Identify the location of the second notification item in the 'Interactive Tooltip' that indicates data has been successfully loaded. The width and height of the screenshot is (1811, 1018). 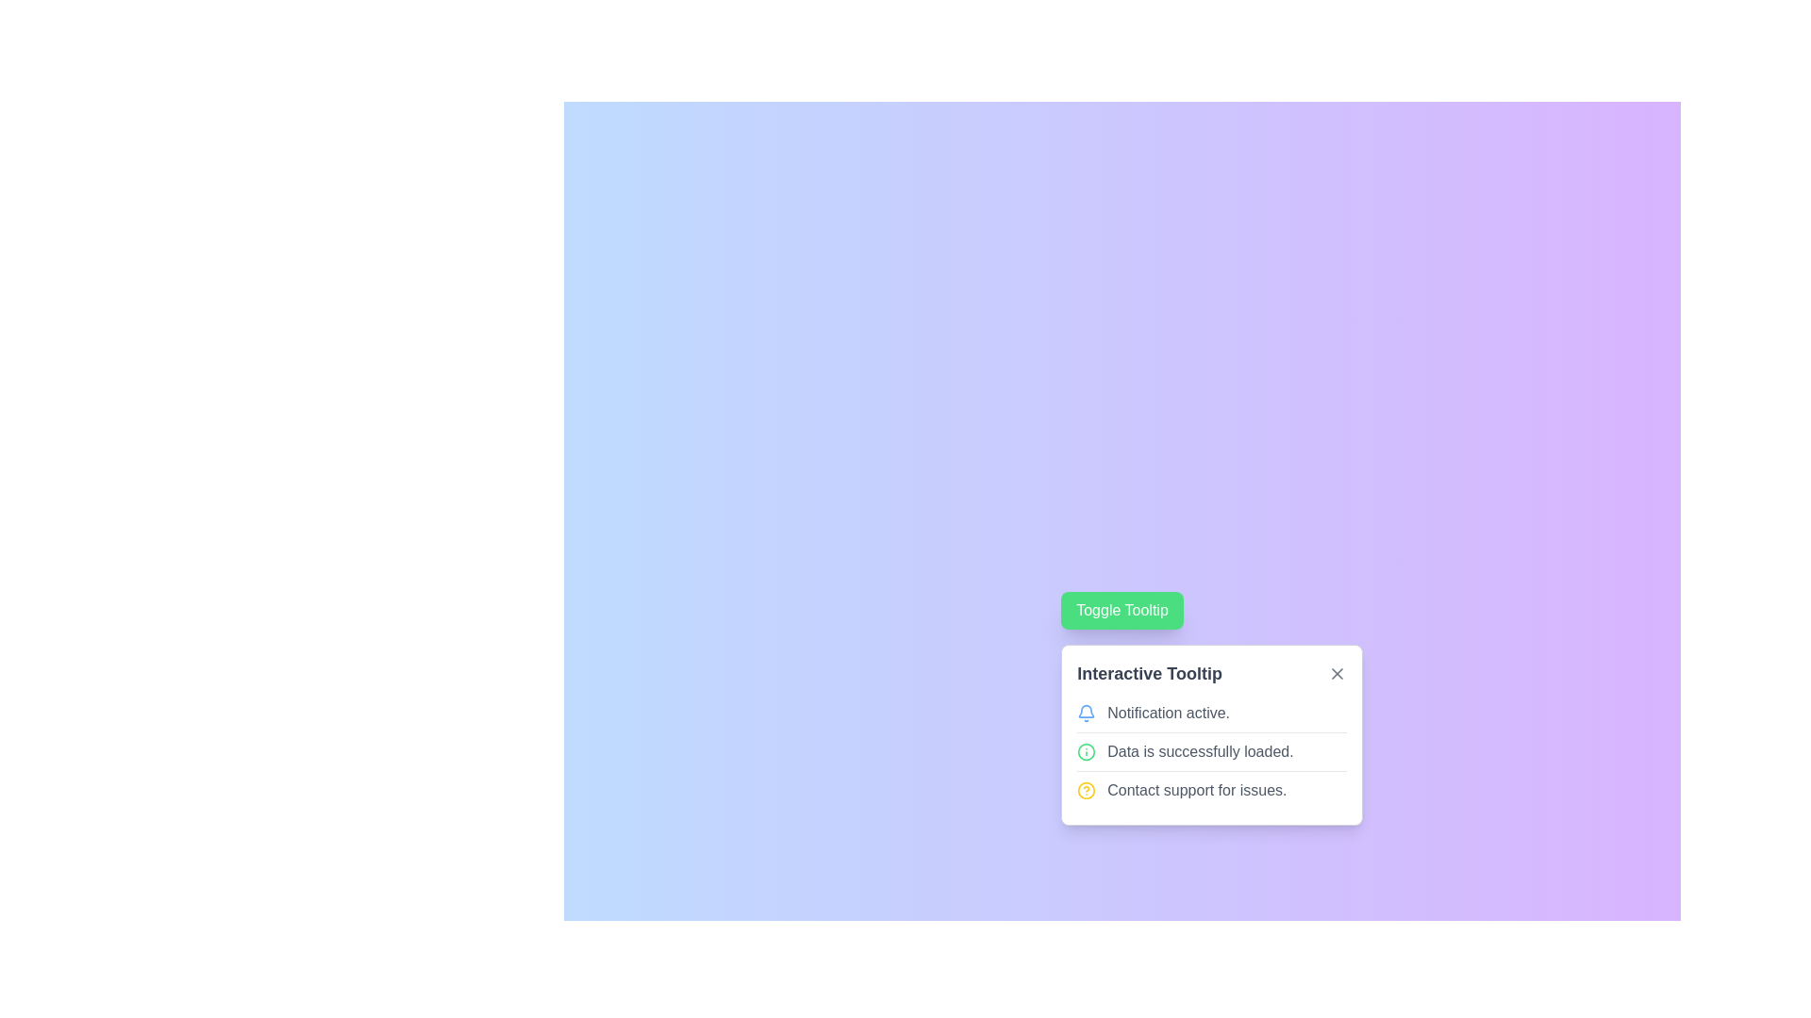
(1212, 750).